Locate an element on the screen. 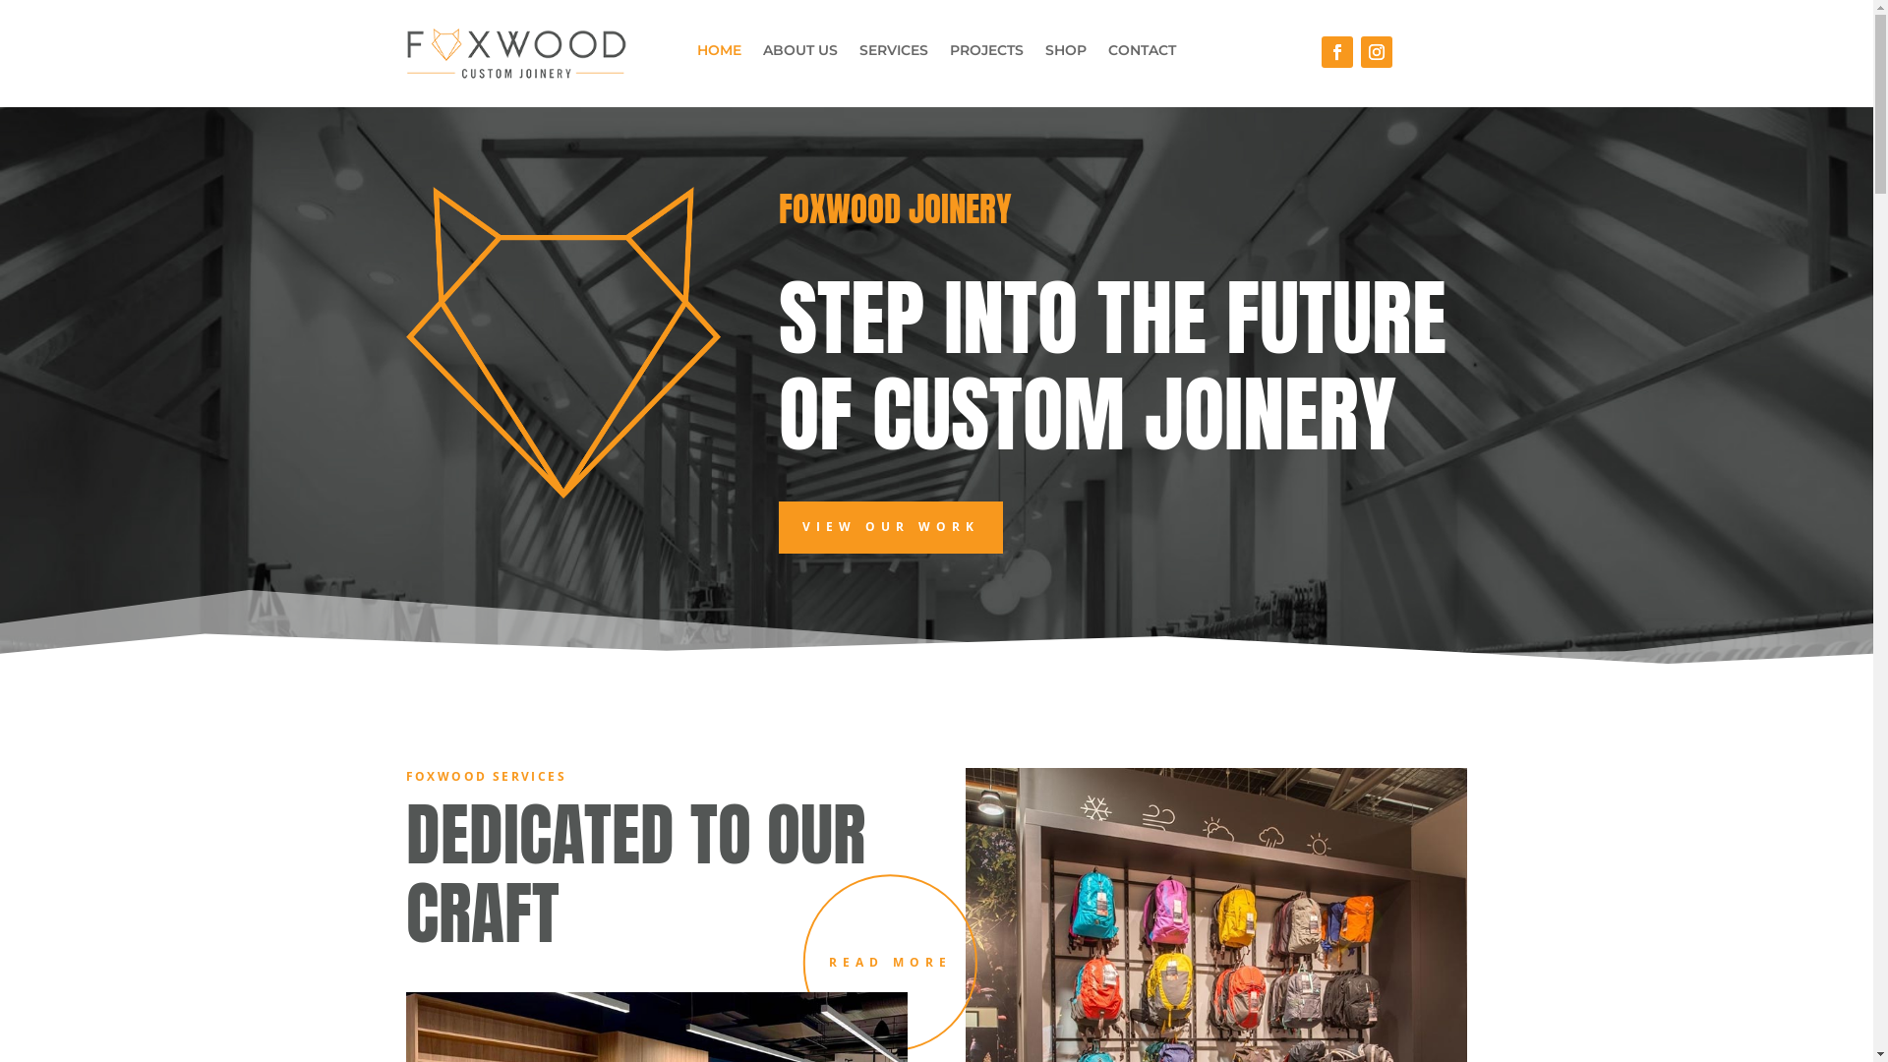 The height and width of the screenshot is (1062, 1888). 'SERVICES' is located at coordinates (892, 52).